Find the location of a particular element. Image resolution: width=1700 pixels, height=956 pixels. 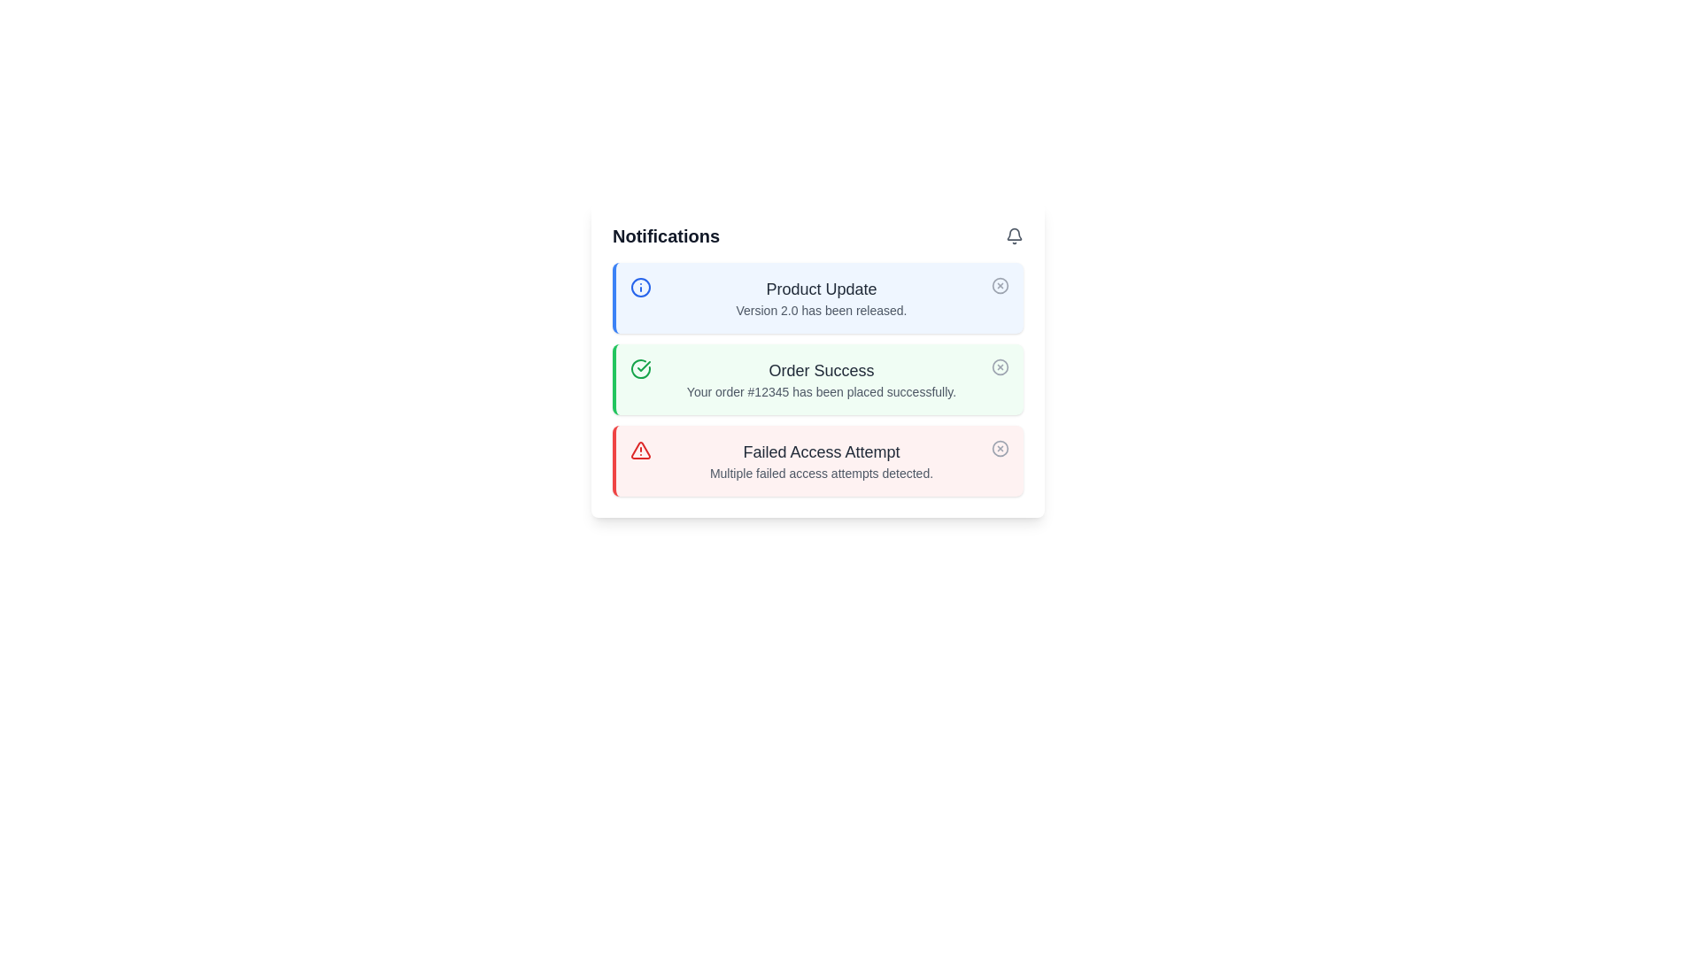

the bell-shaped icon located in the top-right corner of the 'Notifications' box is located at coordinates (1015, 235).